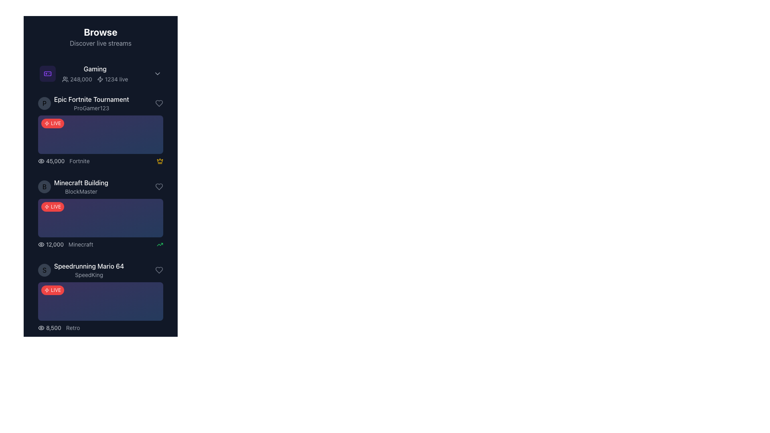 The height and width of the screenshot is (433, 770). Describe the element at coordinates (95, 74) in the screenshot. I see `the 'Gaming' text block which displays the title 'Gaming', viewer count '248,000', and livestream count '1234 live' for navigation to the category's details or streams` at that location.